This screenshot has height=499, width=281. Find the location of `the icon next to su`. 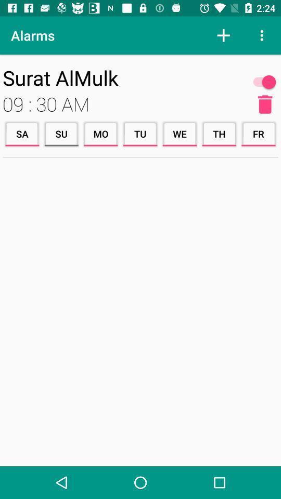

the icon next to su is located at coordinates (22, 133).